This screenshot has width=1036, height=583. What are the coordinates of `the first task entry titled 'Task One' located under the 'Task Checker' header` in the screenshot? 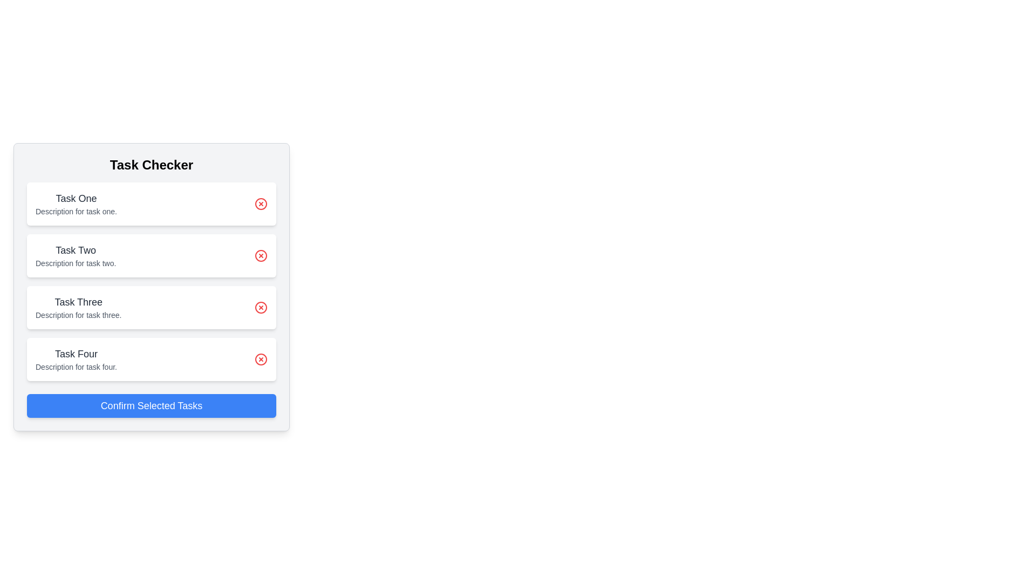 It's located at (76, 204).